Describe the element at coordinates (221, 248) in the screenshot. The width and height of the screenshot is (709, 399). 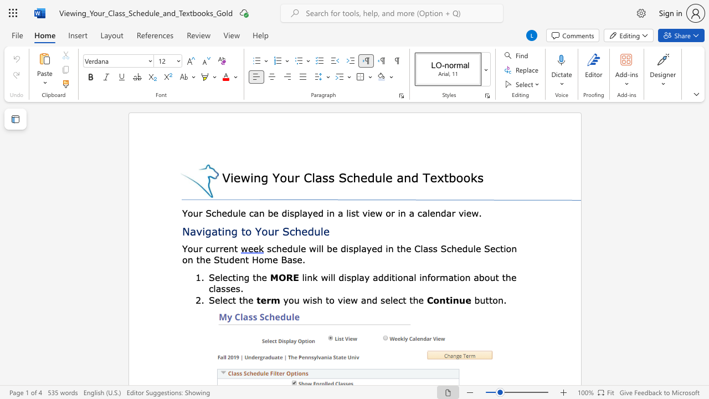
I see `the 3th character "r" in the text` at that location.